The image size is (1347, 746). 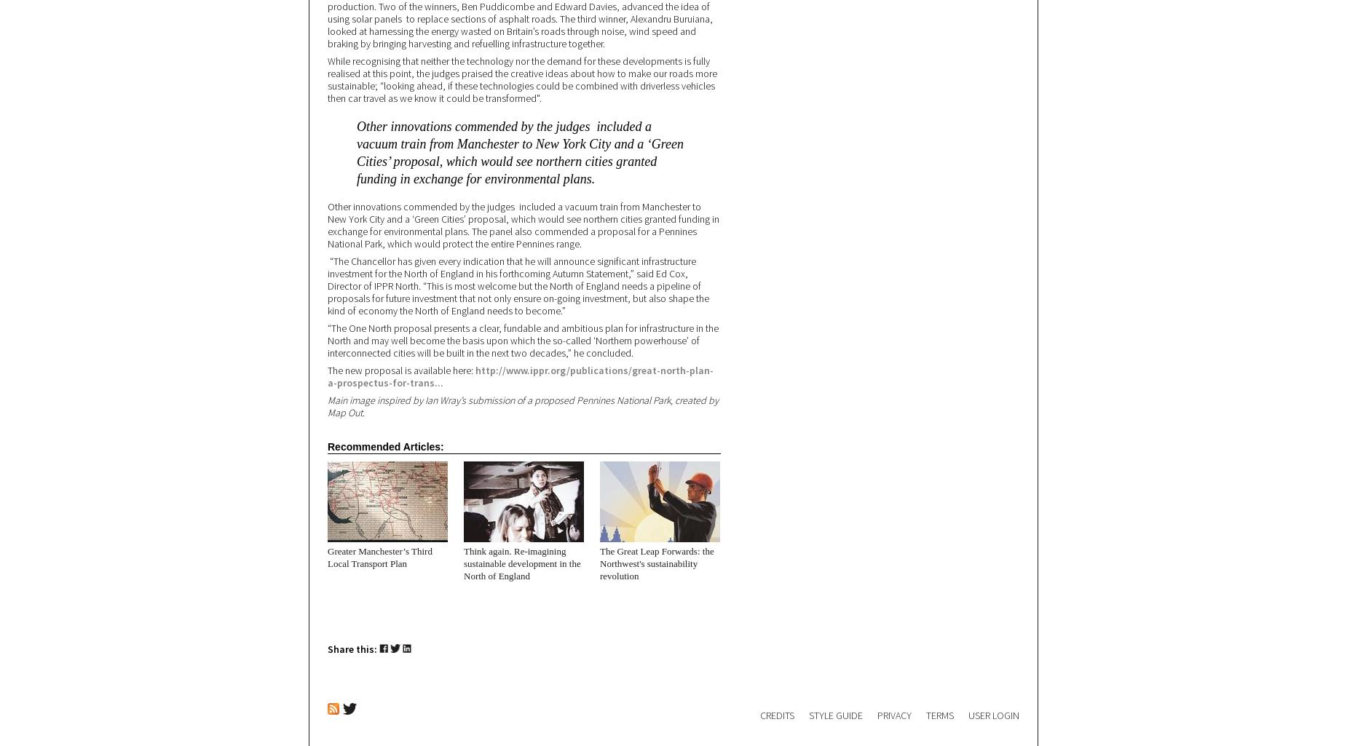 I want to click on 'The new proposal is available here:', so click(x=401, y=370).